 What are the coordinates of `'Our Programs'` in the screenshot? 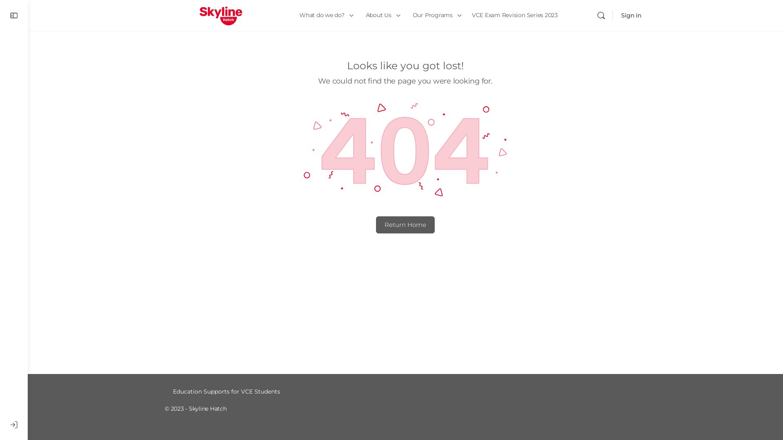 It's located at (436, 15).